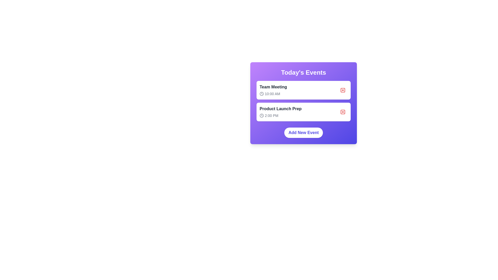  Describe the element at coordinates (273, 90) in the screenshot. I see `the informational element titled 'Team Meeting' with timestamp '10:00 AM' located in the 'Today's Events' card` at that location.